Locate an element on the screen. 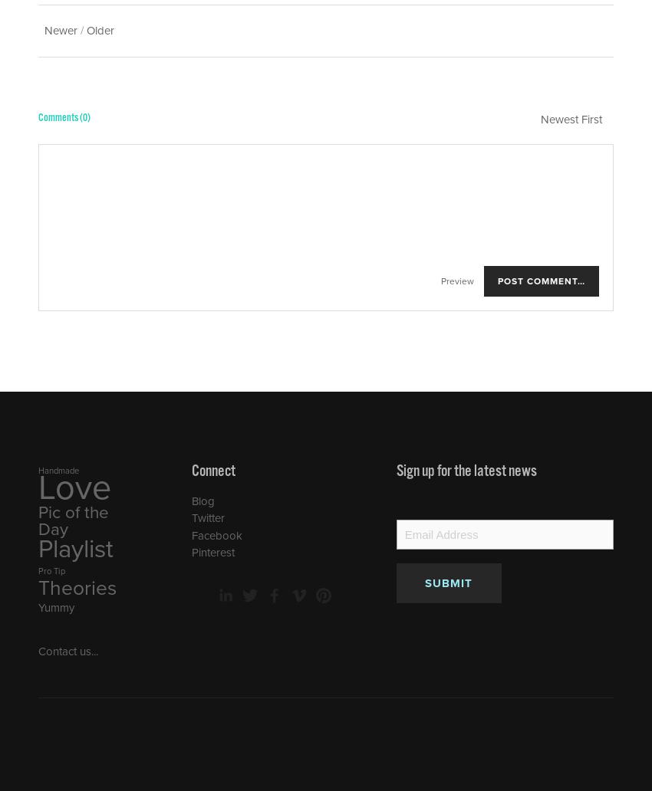 This screenshot has height=791, width=652. 'Theories' is located at coordinates (76, 586).